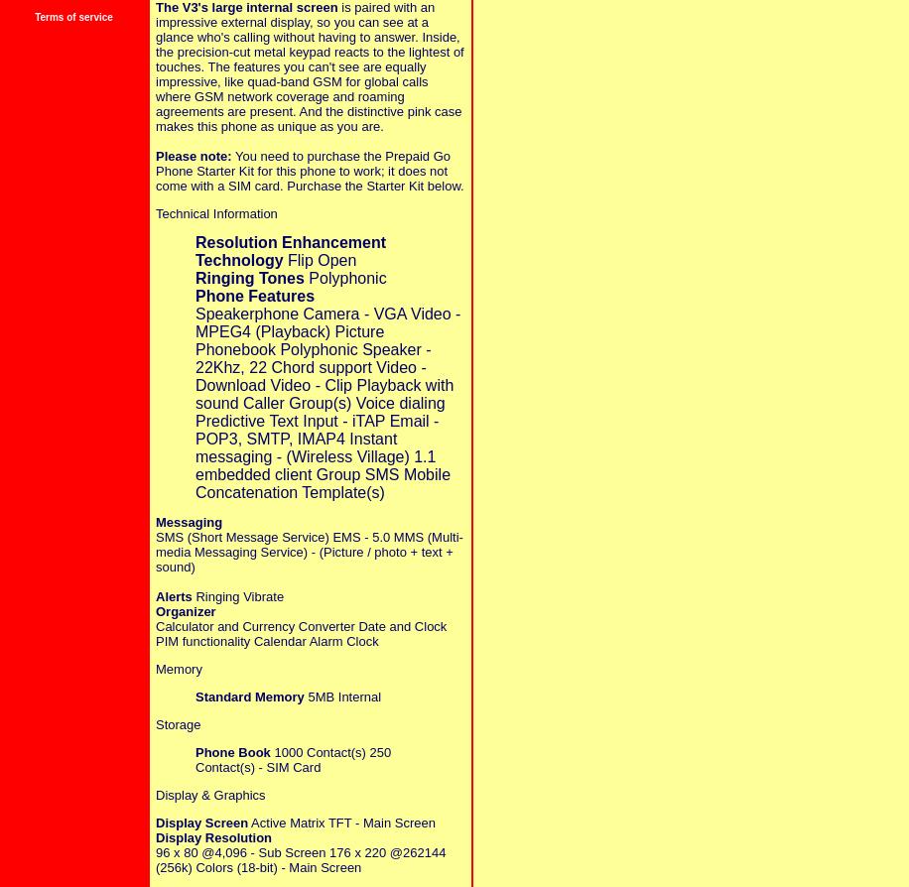 This screenshot has height=887, width=909. What do you see at coordinates (177, 722) in the screenshot?
I see `'Storage'` at bounding box center [177, 722].